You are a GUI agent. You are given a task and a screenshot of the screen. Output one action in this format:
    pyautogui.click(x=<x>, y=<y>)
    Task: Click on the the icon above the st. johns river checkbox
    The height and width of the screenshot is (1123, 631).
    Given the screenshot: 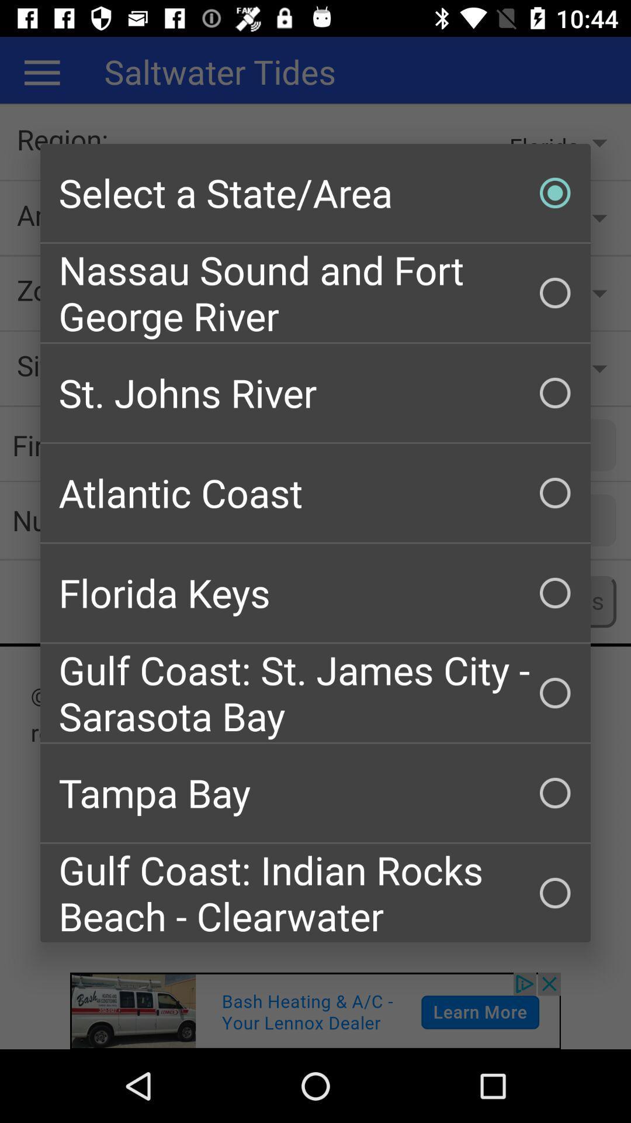 What is the action you would take?
    pyautogui.click(x=315, y=292)
    